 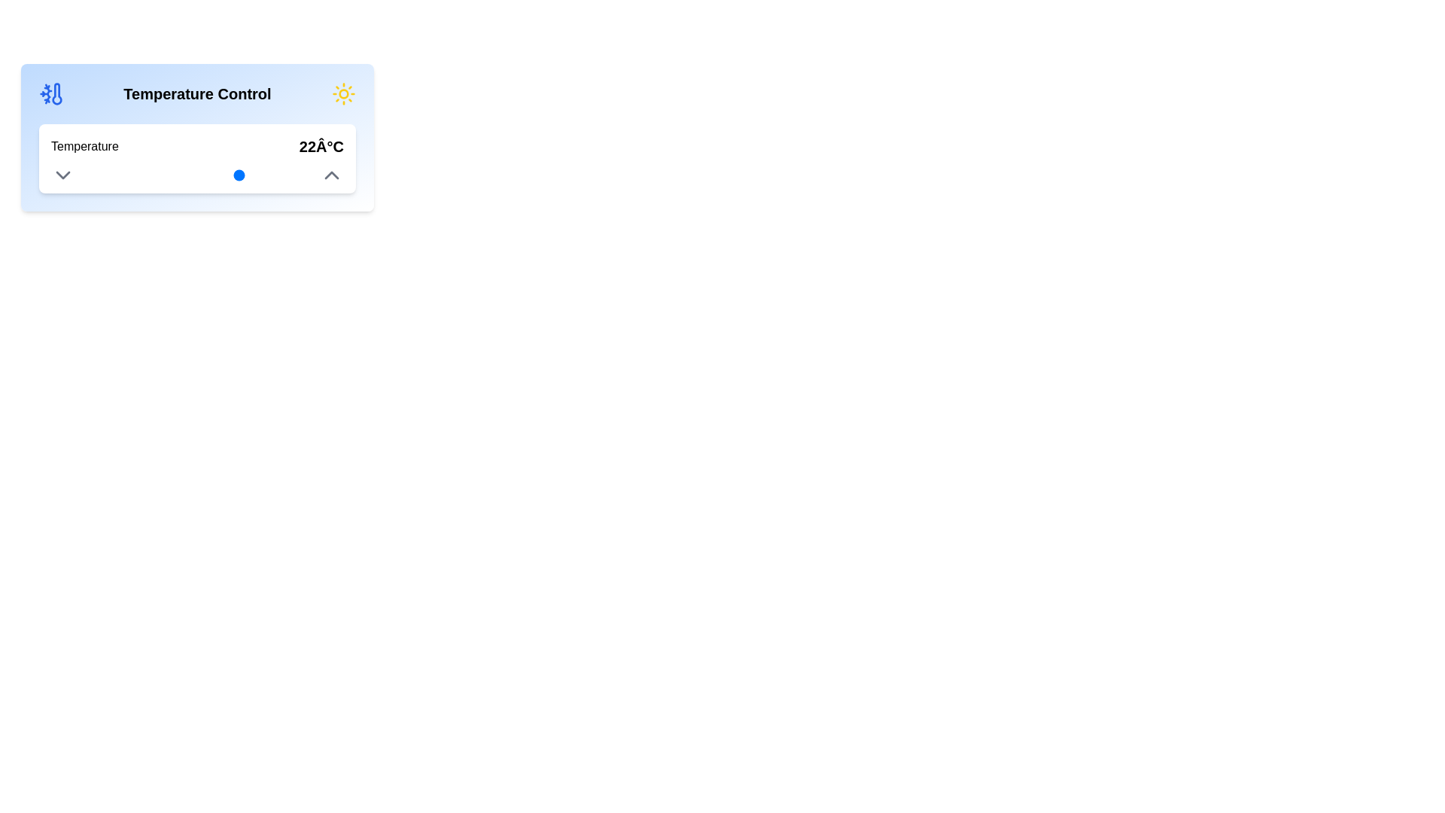 I want to click on the downward-pointing chevron icon (dropdown indicator) located within the 'Temperature Control' interface, so click(x=62, y=174).